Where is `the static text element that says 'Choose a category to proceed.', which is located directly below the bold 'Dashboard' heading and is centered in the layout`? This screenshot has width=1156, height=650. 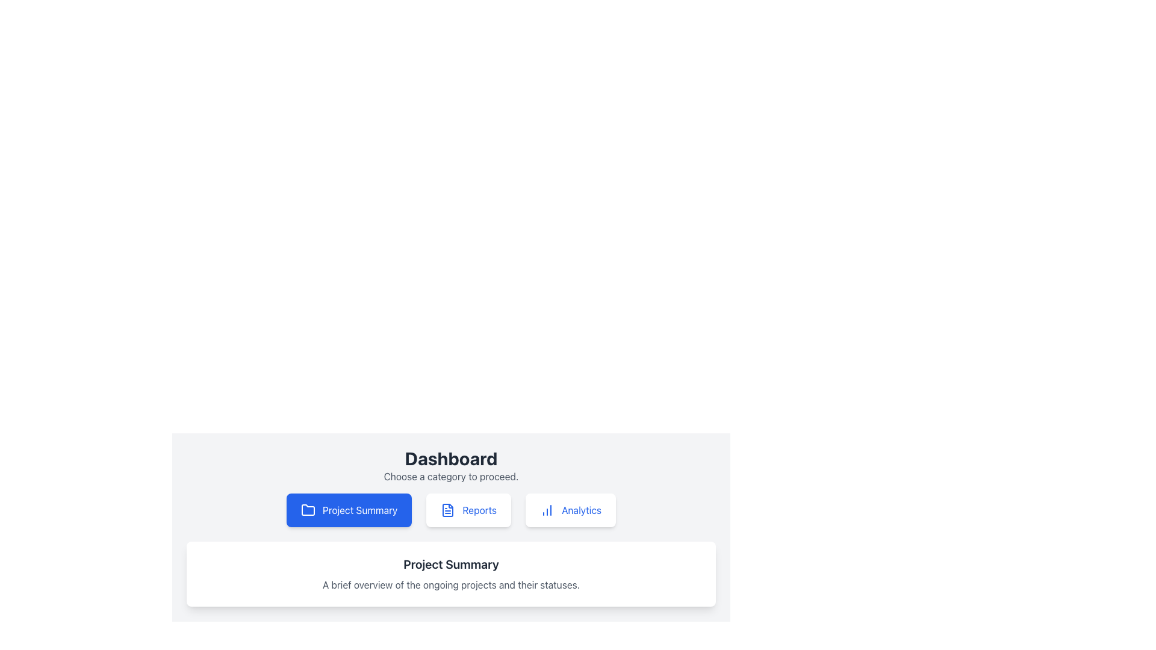 the static text element that says 'Choose a category to proceed.', which is located directly below the bold 'Dashboard' heading and is centered in the layout is located at coordinates (450, 475).